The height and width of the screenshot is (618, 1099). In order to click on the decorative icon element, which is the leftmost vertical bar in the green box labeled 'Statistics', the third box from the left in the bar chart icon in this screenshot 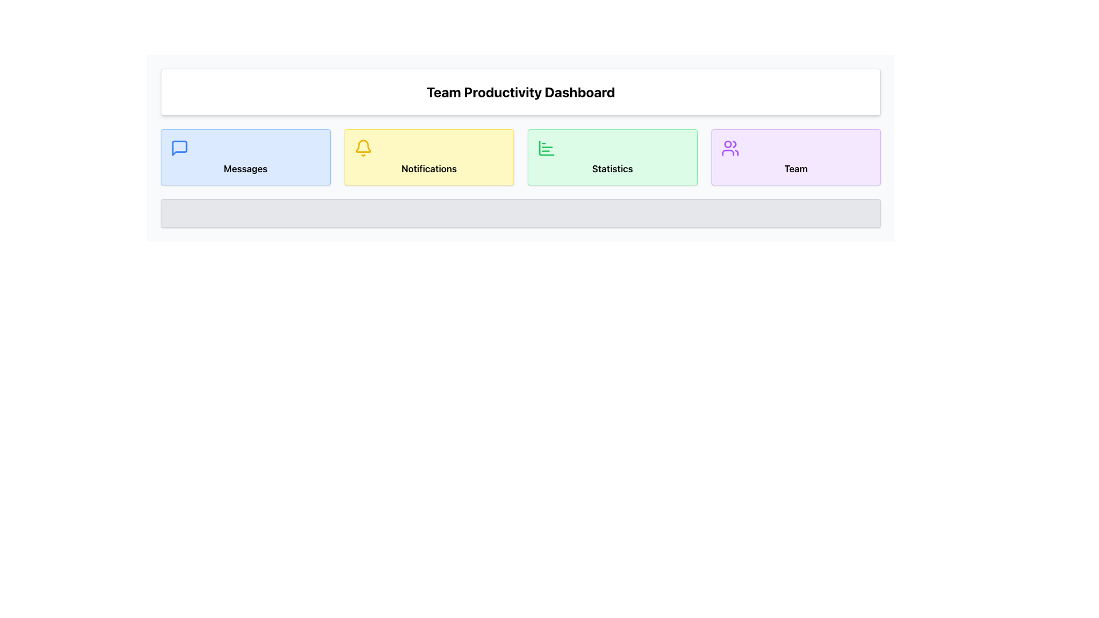, I will do `click(546, 147)`.